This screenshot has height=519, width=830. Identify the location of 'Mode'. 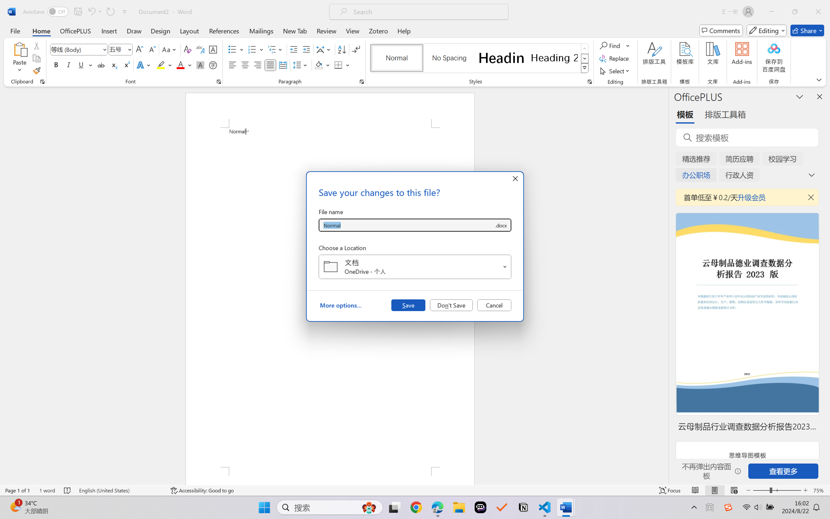
(767, 30).